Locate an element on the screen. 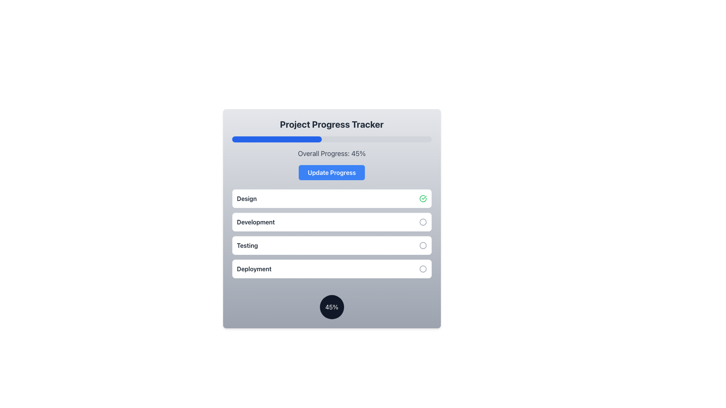  the 'Testing' phase in the project progress tracker is located at coordinates (332, 246).